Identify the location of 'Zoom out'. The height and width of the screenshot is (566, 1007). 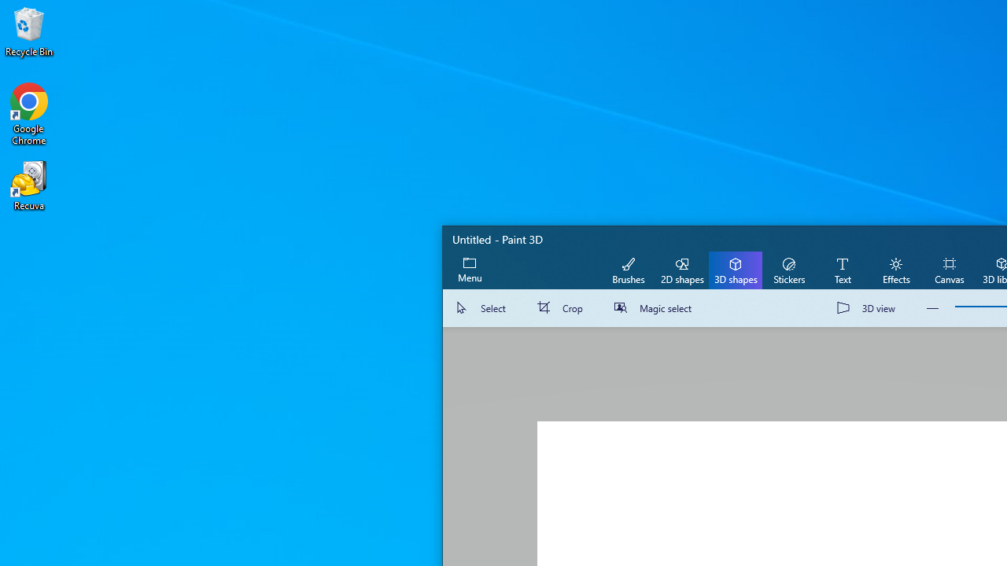
(932, 308).